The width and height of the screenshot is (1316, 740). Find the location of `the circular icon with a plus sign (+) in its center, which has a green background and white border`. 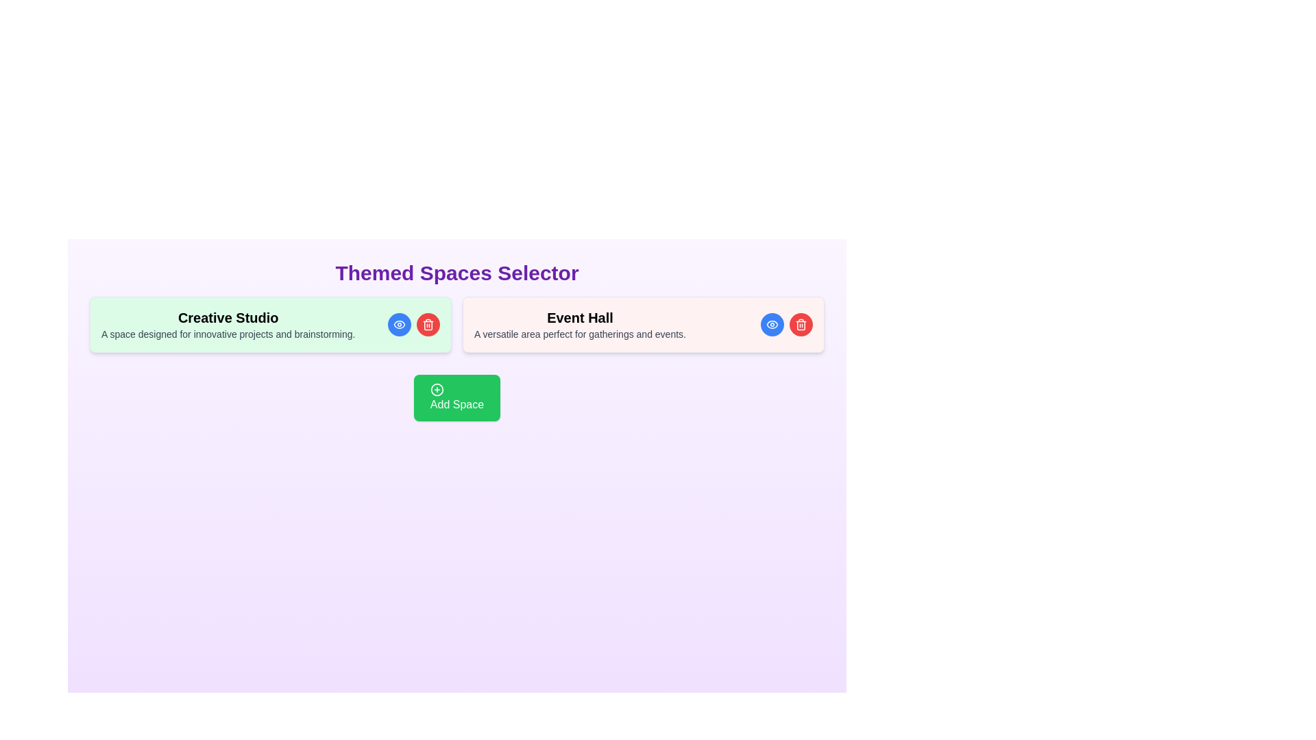

the circular icon with a plus sign (+) in its center, which has a green background and white border is located at coordinates (436, 390).